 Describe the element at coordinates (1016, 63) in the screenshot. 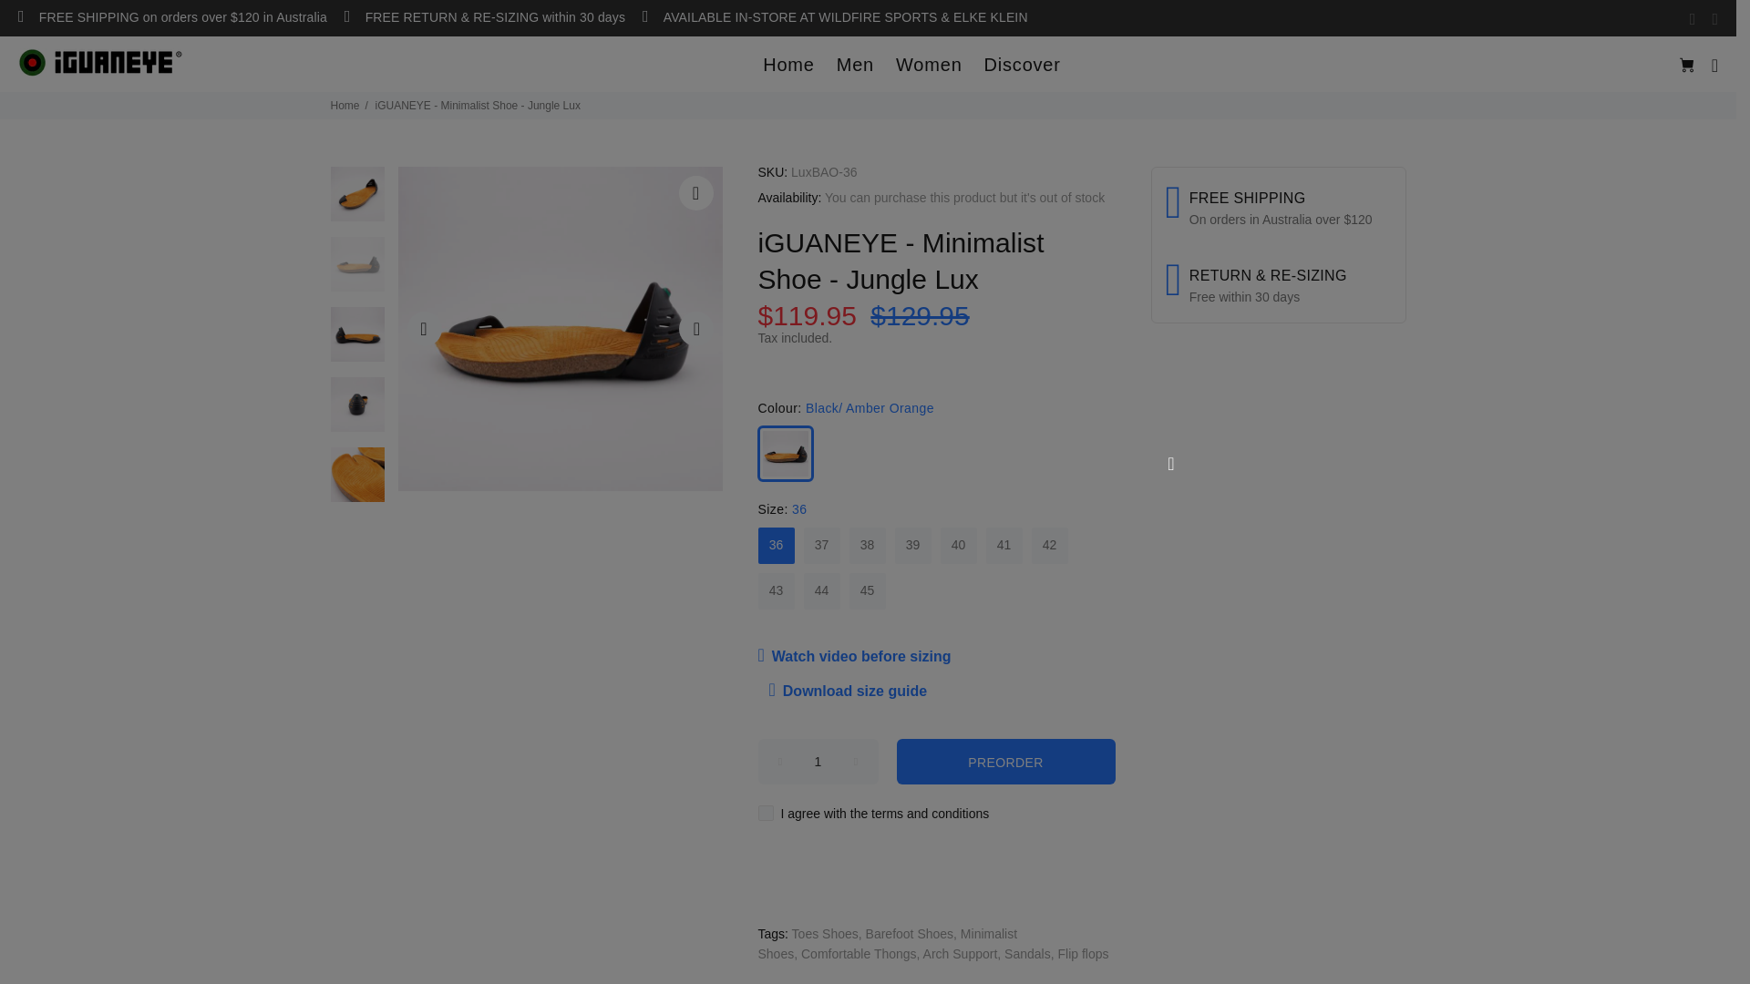

I see `'Discover'` at that location.